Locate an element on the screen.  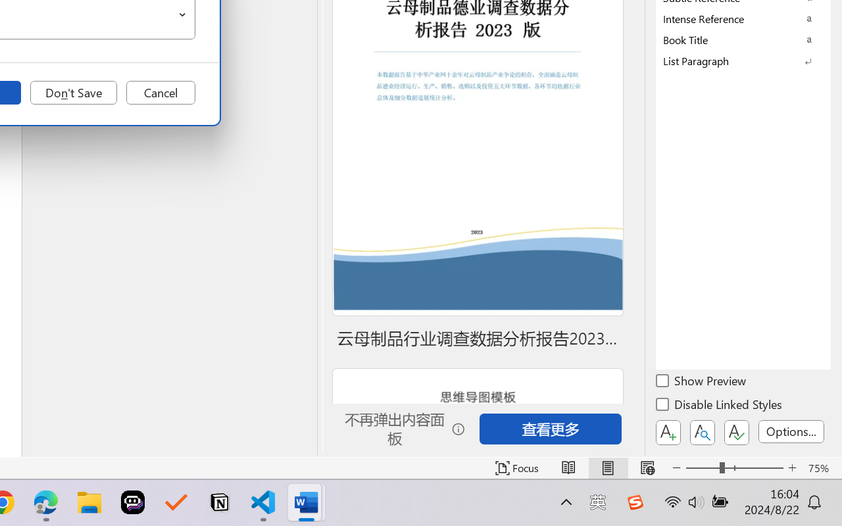
'Focus ' is located at coordinates (516, 467).